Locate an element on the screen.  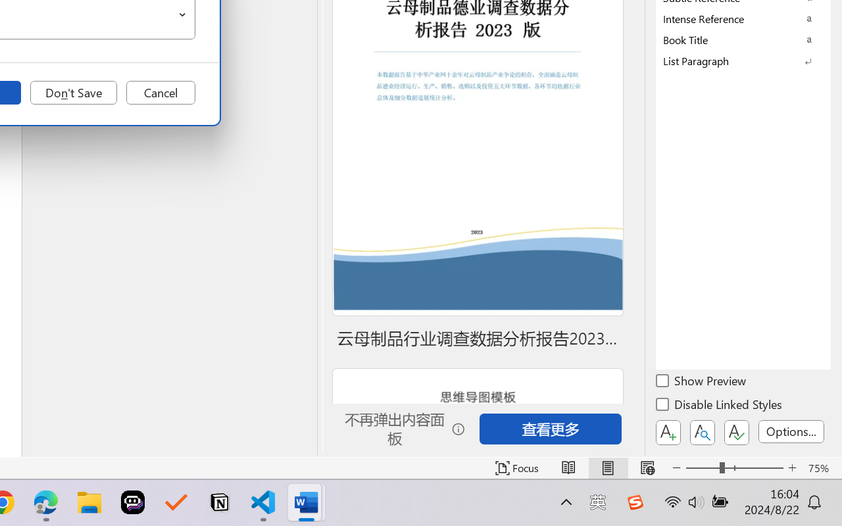
'Focus ' is located at coordinates (516, 467).